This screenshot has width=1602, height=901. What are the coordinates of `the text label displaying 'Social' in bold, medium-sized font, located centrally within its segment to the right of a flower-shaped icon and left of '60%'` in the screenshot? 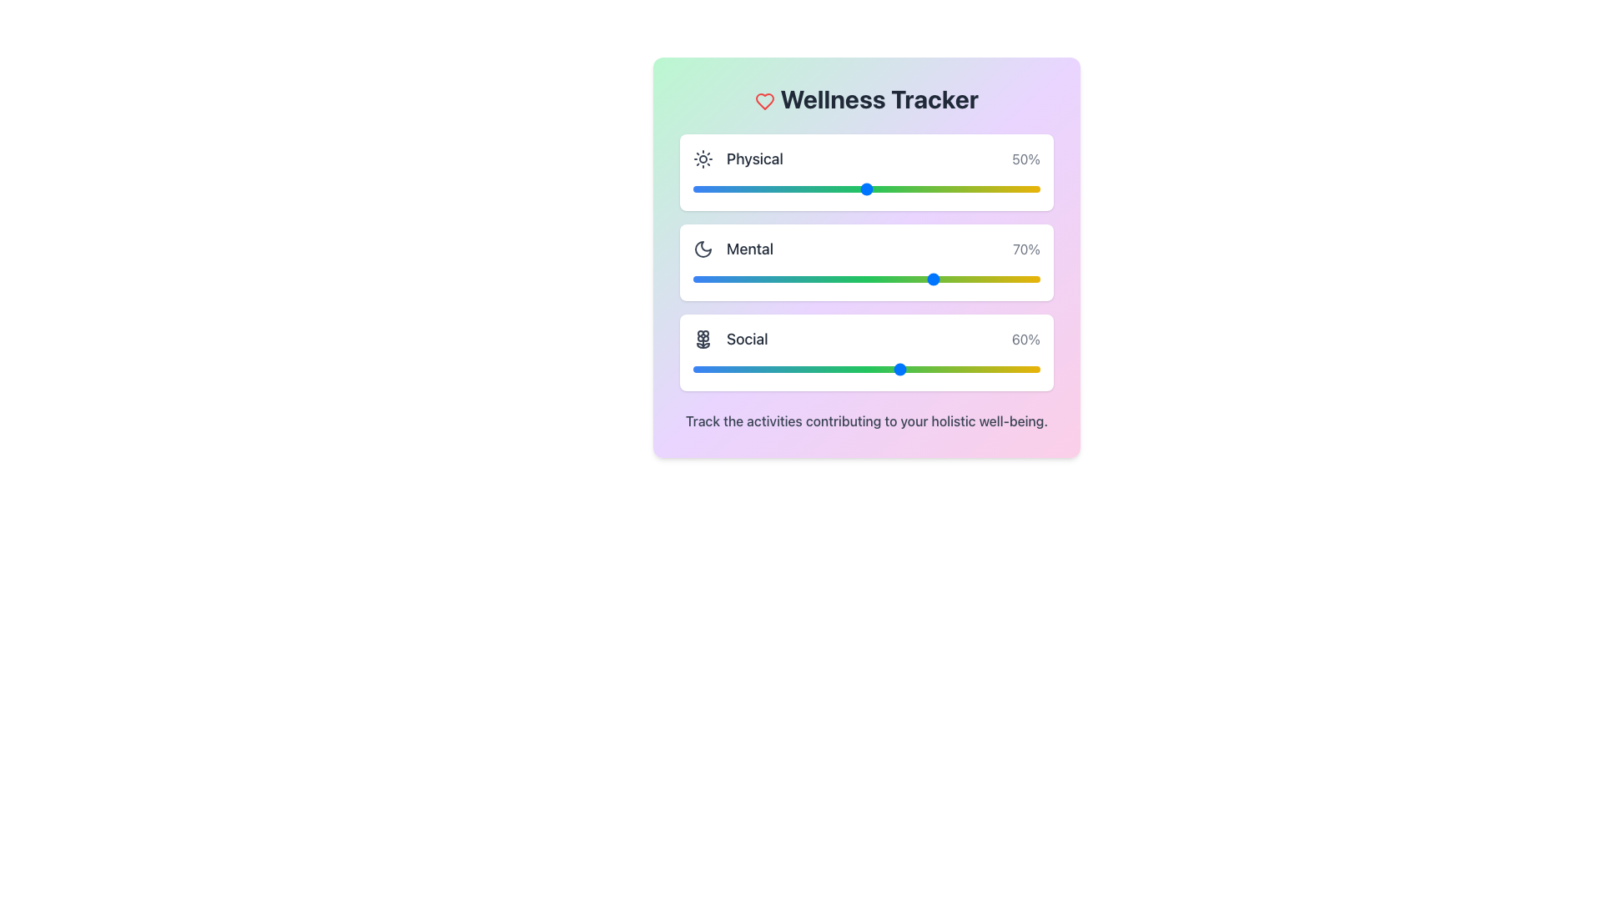 It's located at (746, 339).